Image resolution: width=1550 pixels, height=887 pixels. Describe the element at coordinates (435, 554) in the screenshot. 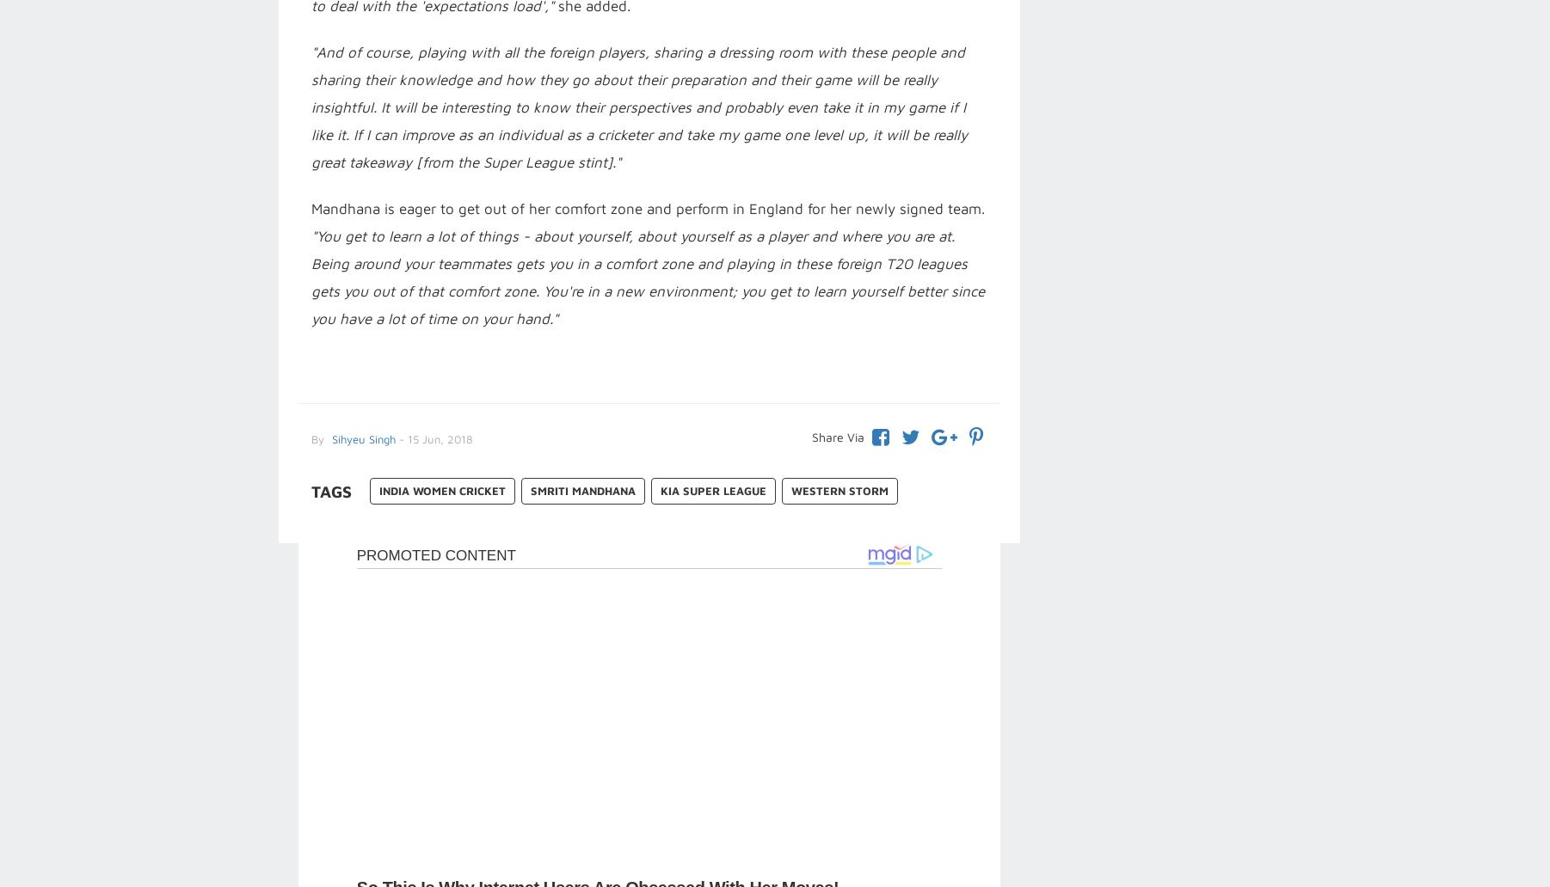

I see `'Promoted Content'` at that location.